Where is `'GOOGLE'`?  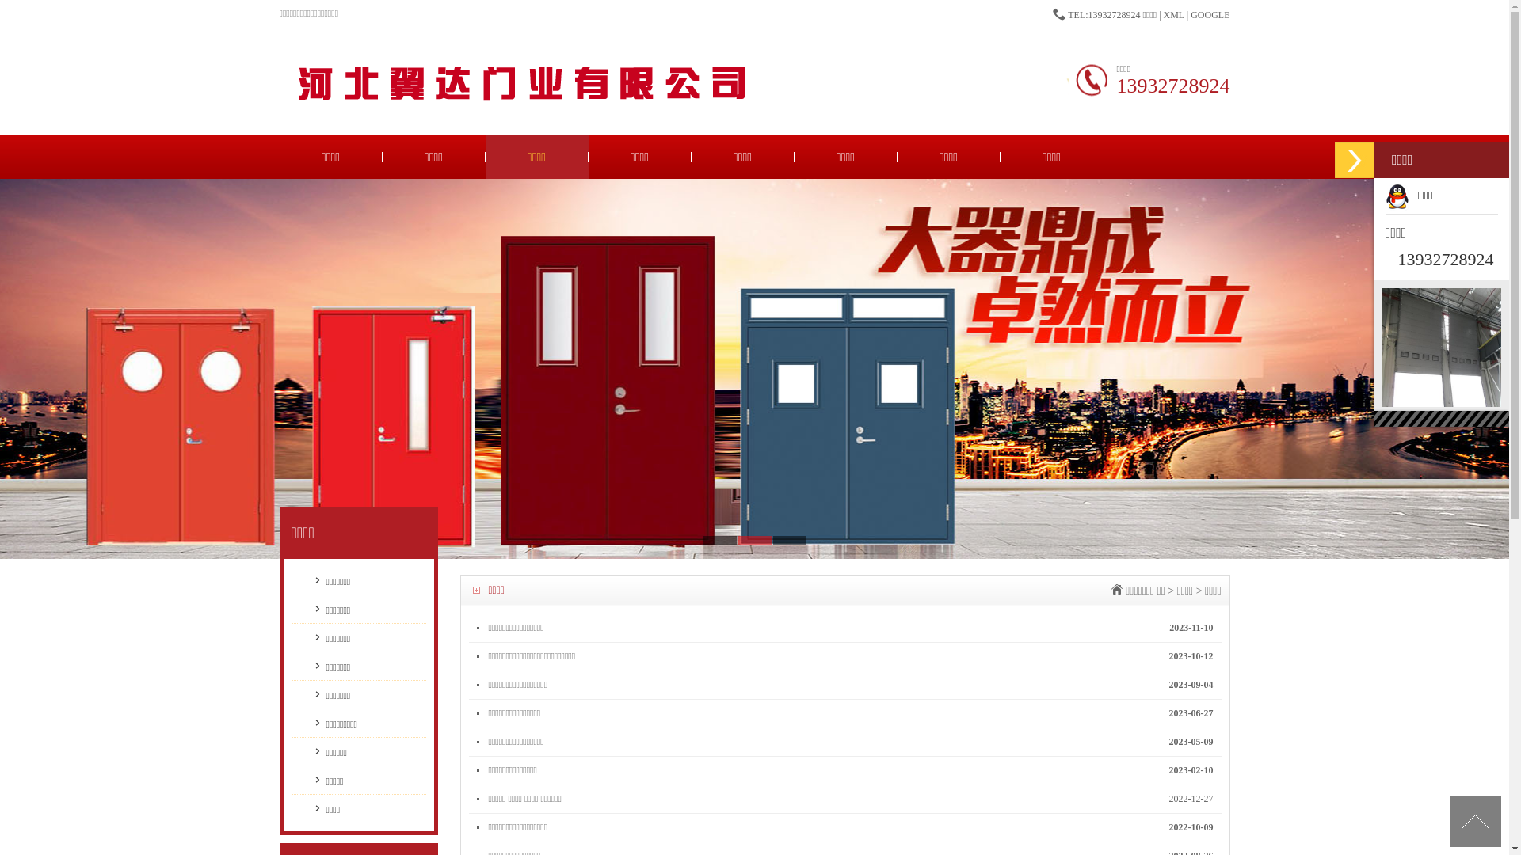 'GOOGLE' is located at coordinates (1209, 15).